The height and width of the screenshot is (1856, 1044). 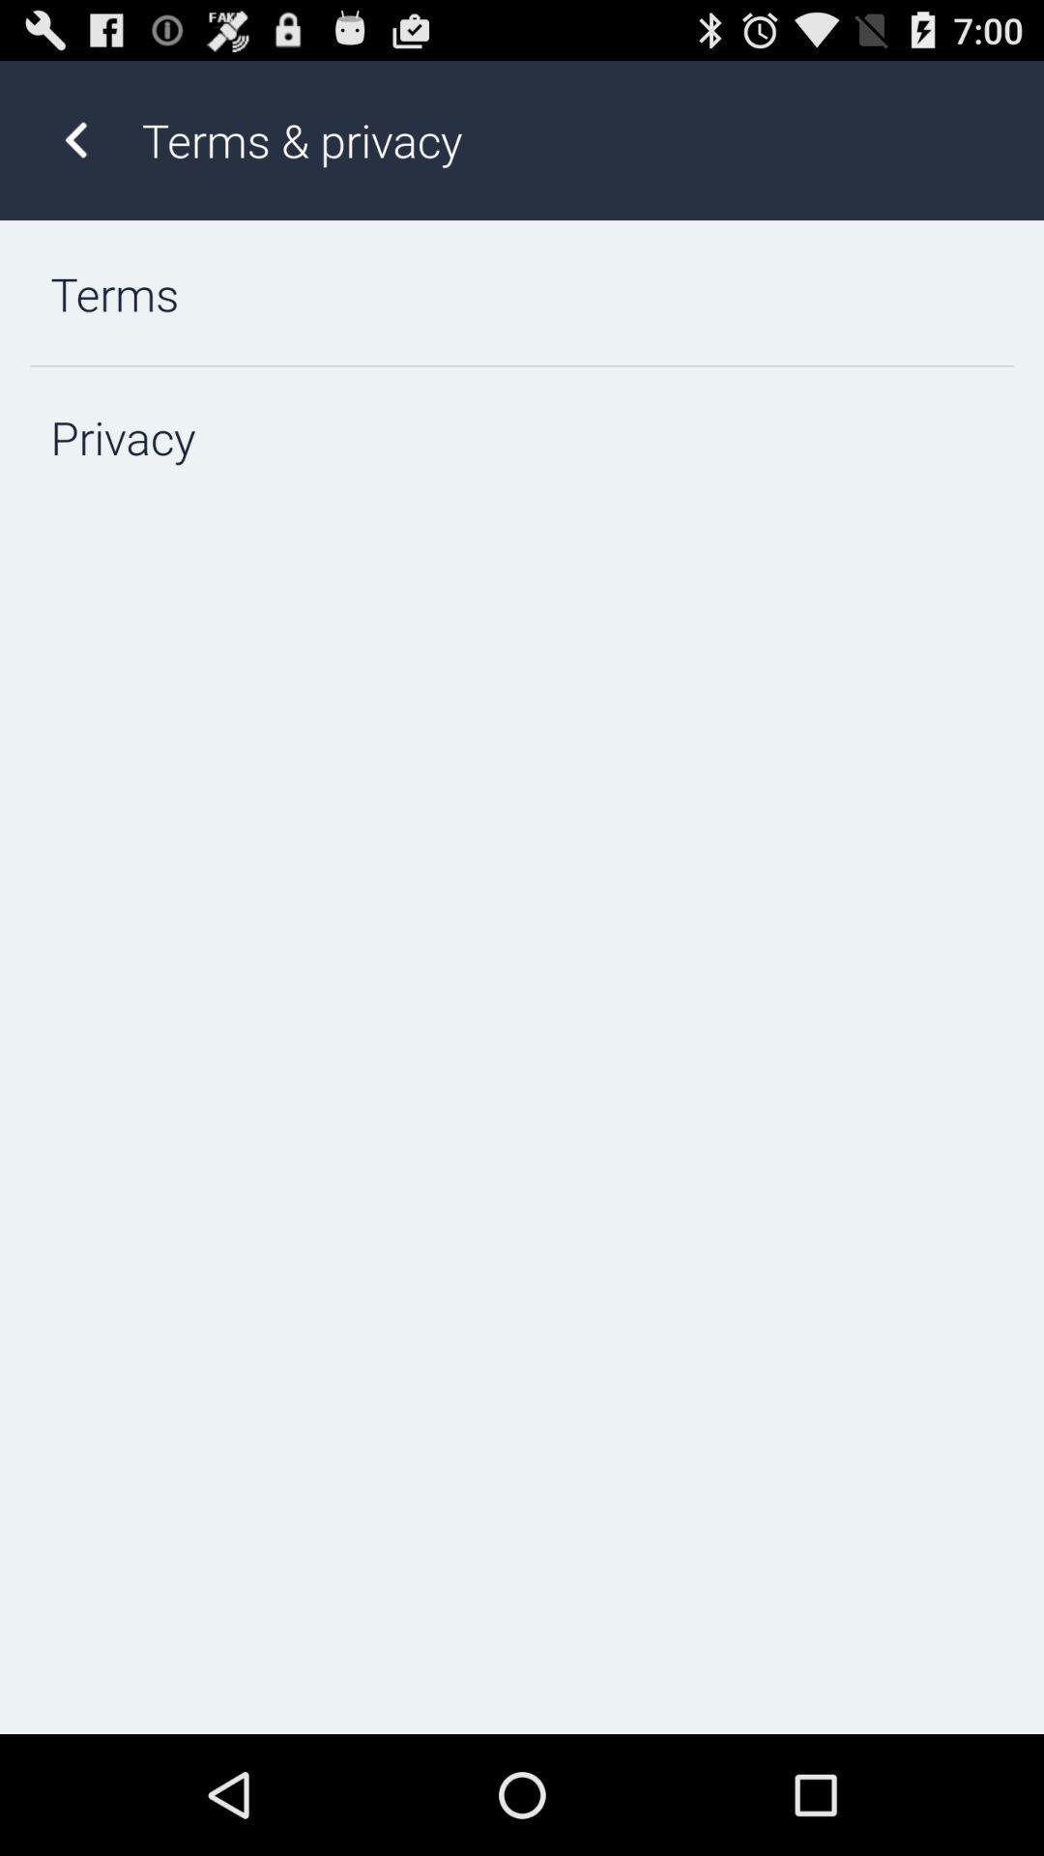 I want to click on the terms & privacy, so click(x=571, y=139).